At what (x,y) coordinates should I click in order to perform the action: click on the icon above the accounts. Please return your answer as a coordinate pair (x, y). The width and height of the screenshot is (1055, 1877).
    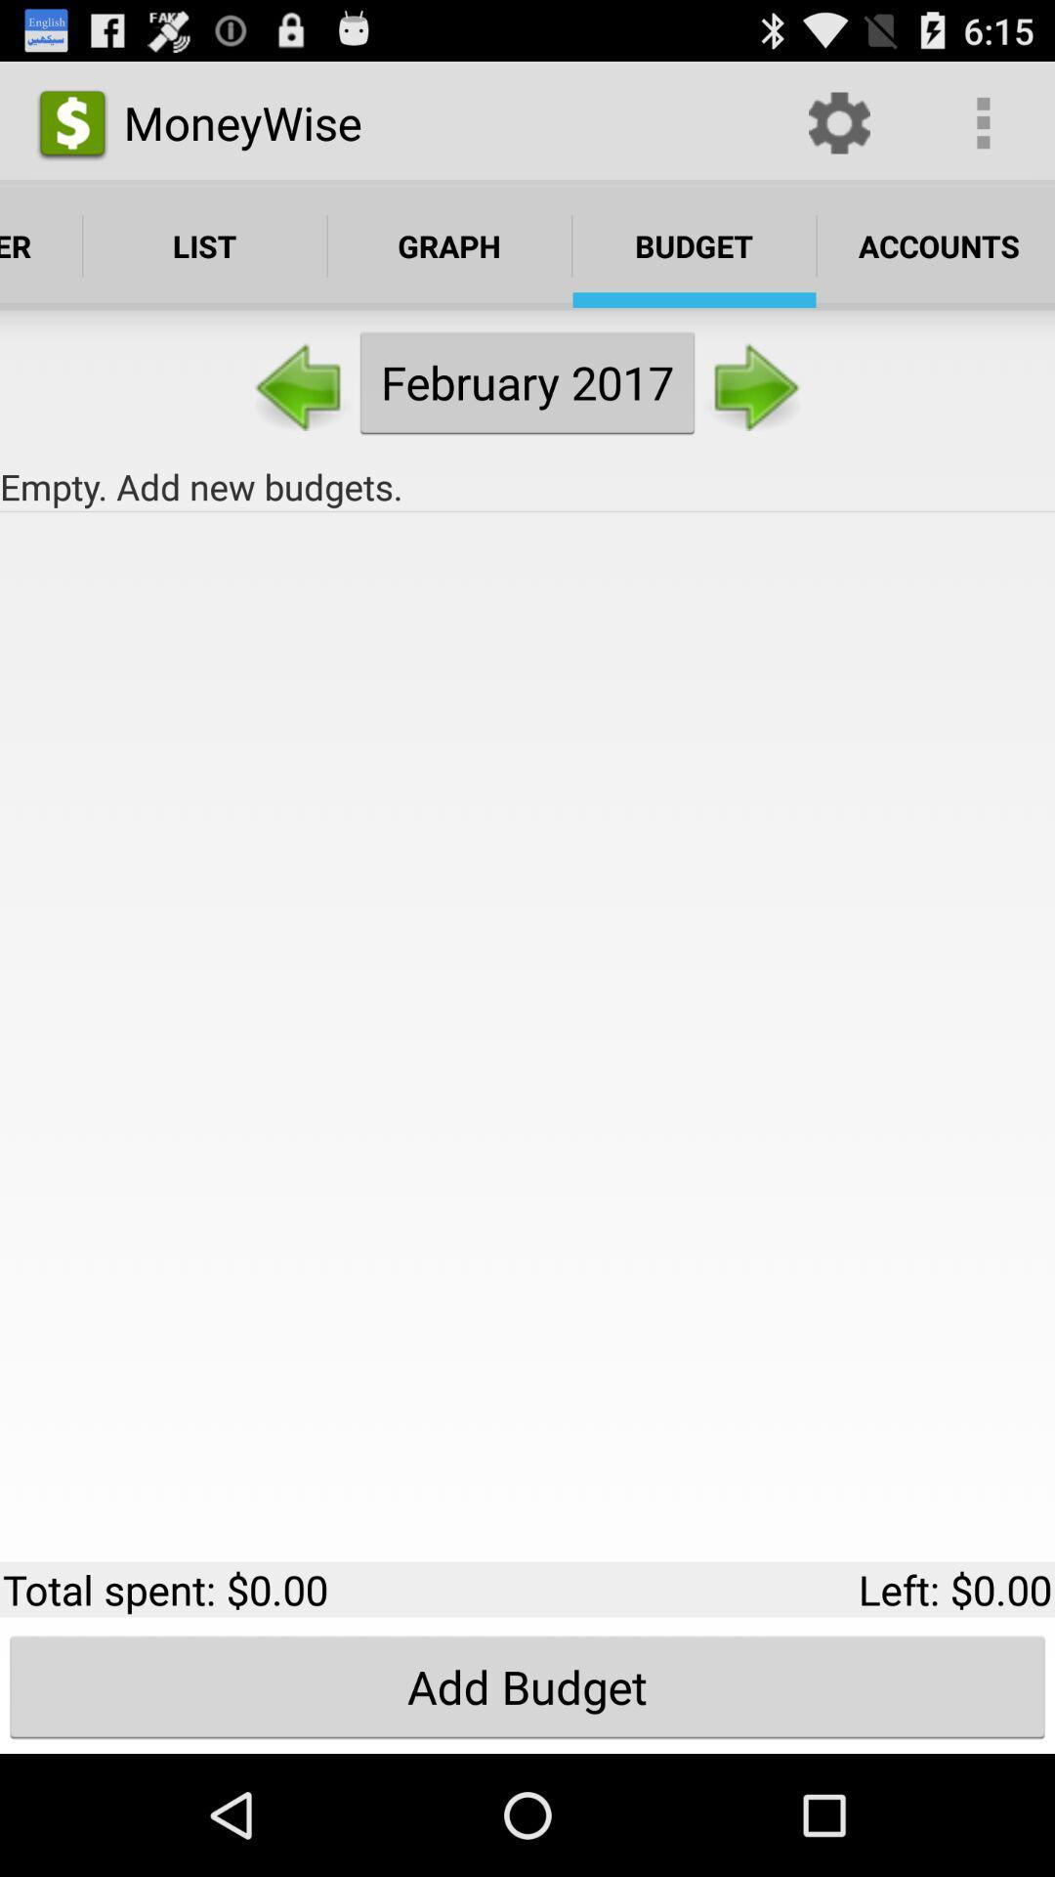
    Looking at the image, I should click on (983, 121).